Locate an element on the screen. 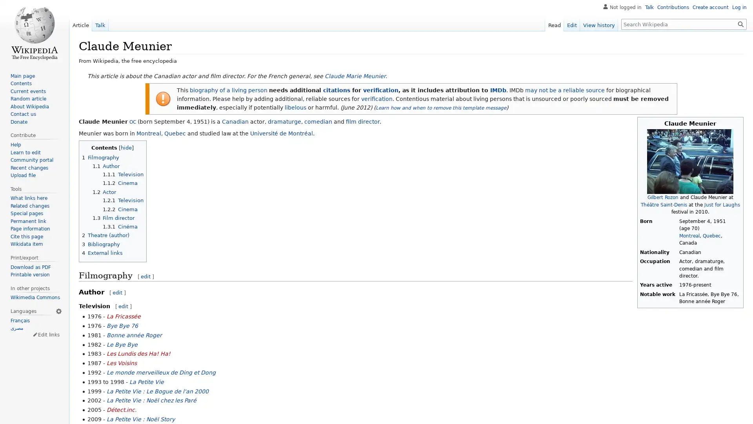 This screenshot has width=753, height=424. Go is located at coordinates (740, 24).